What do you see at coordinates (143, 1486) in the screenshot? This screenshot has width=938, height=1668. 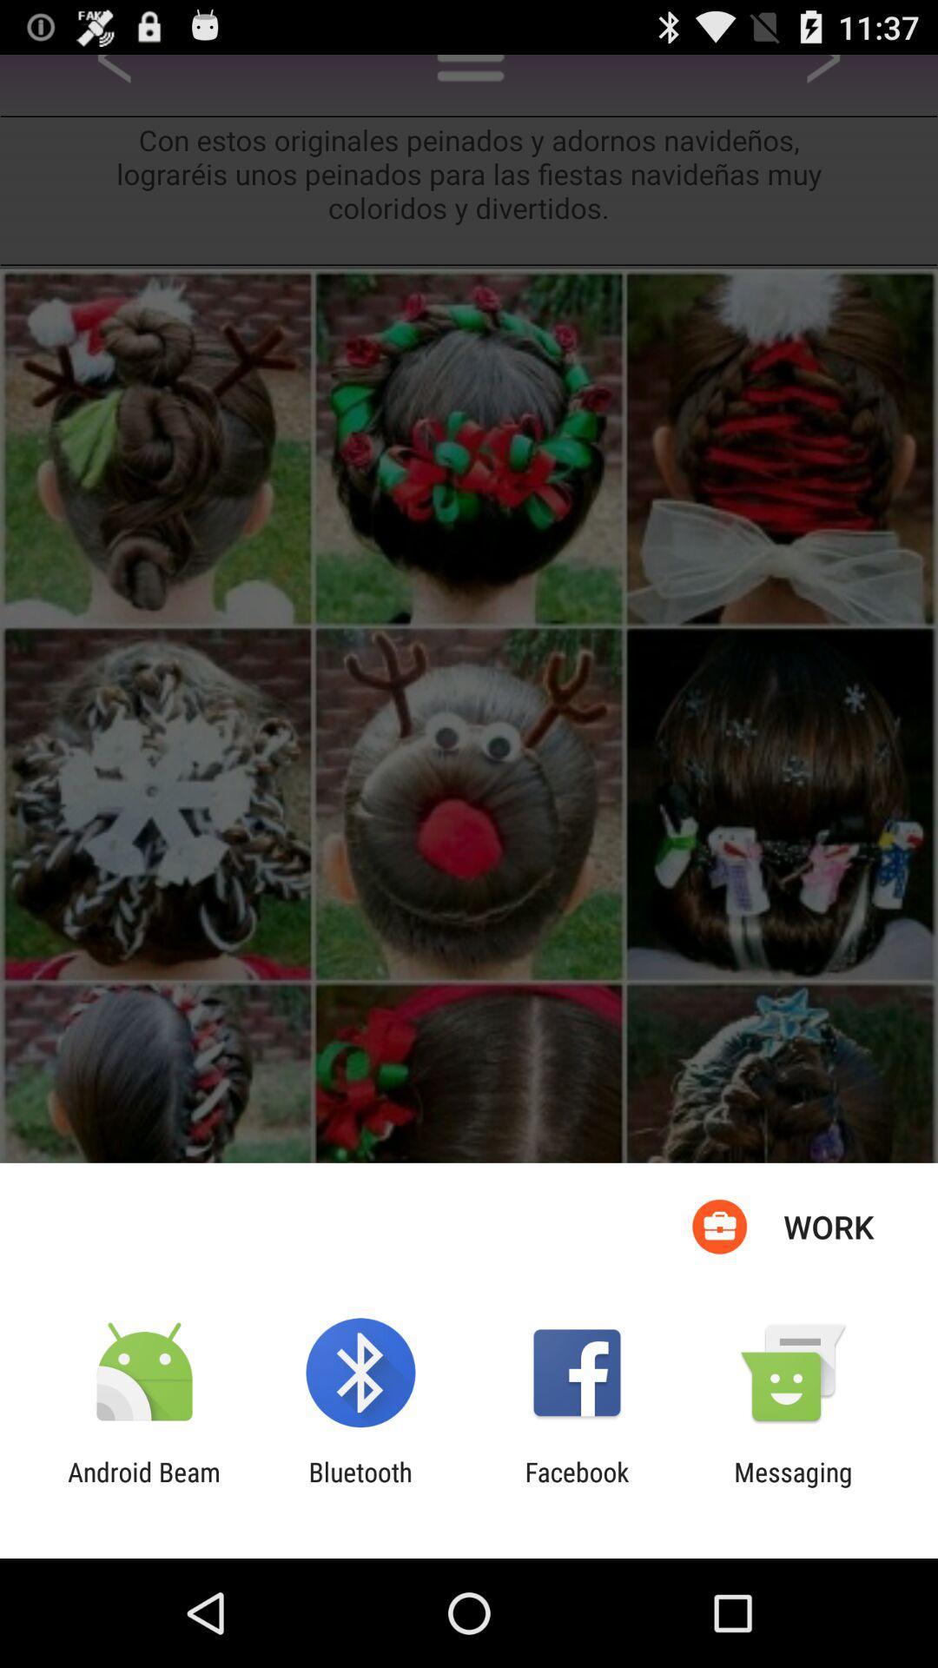 I see `android beam icon` at bounding box center [143, 1486].